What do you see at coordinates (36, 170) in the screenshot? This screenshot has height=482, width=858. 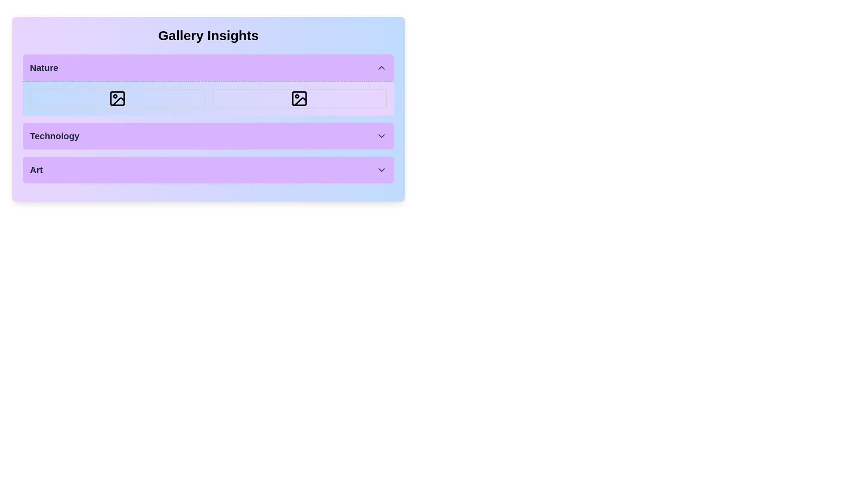 I see `text label that serves as a title for the section, which displays the text 'Art'` at bounding box center [36, 170].